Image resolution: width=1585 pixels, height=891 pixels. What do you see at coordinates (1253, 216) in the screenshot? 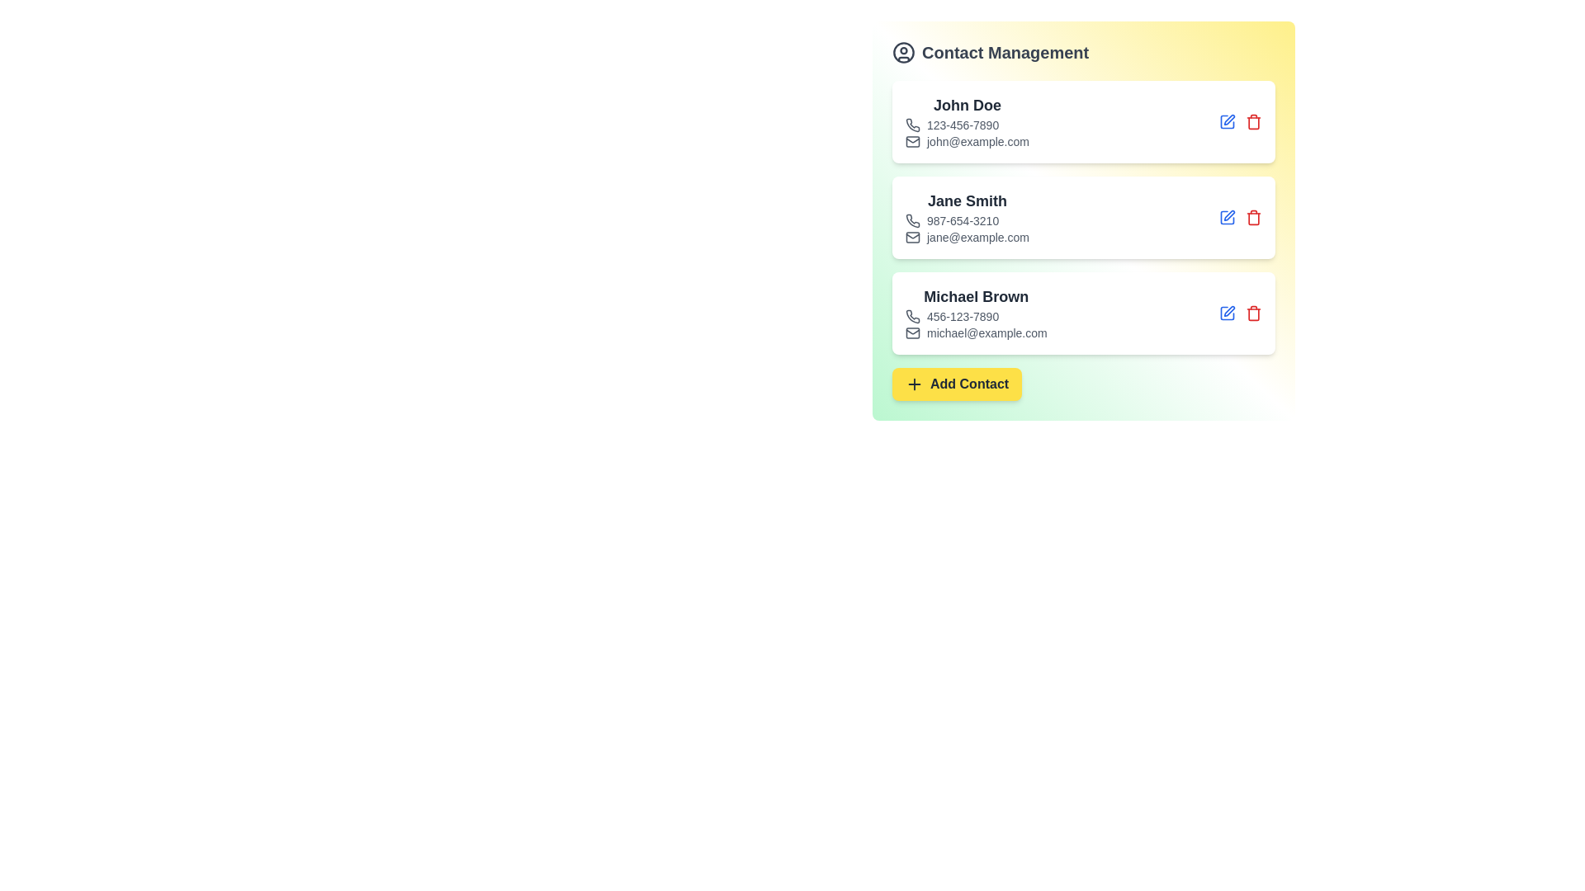
I see `delete button for the contact with name Jane Smith` at bounding box center [1253, 216].